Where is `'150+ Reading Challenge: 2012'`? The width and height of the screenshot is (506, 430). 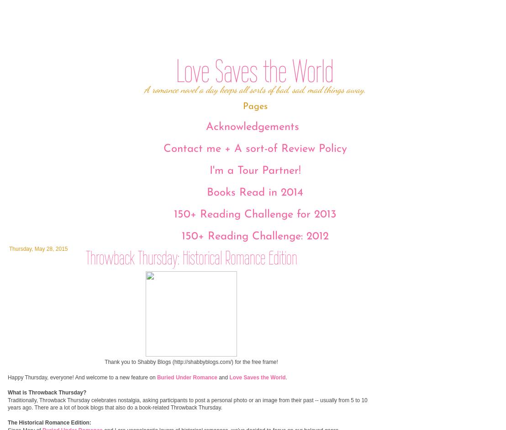
'150+ Reading Challenge: 2012' is located at coordinates (254, 235).